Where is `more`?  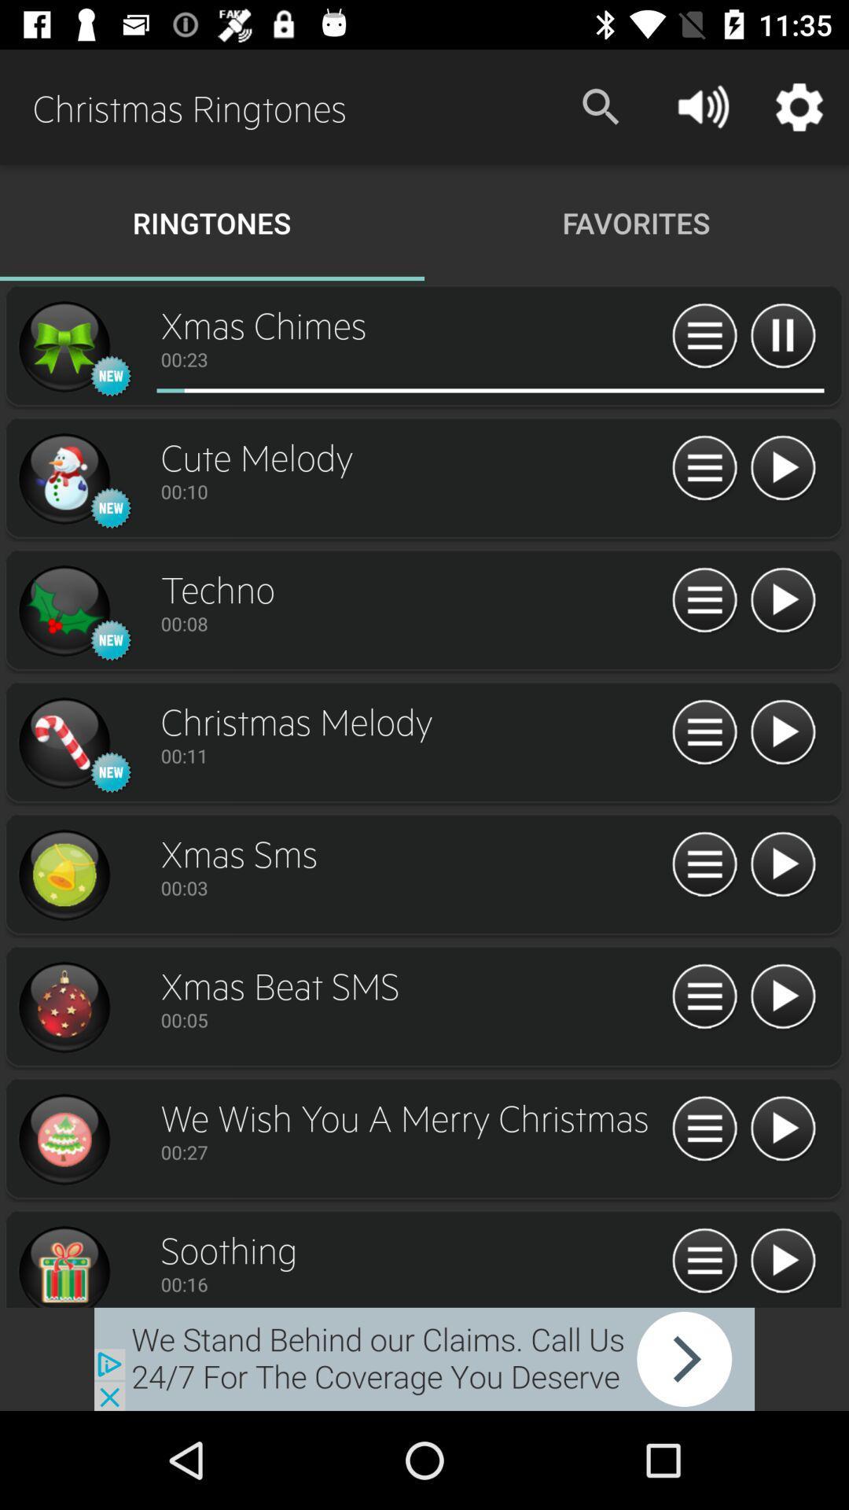
more is located at coordinates (782, 336).